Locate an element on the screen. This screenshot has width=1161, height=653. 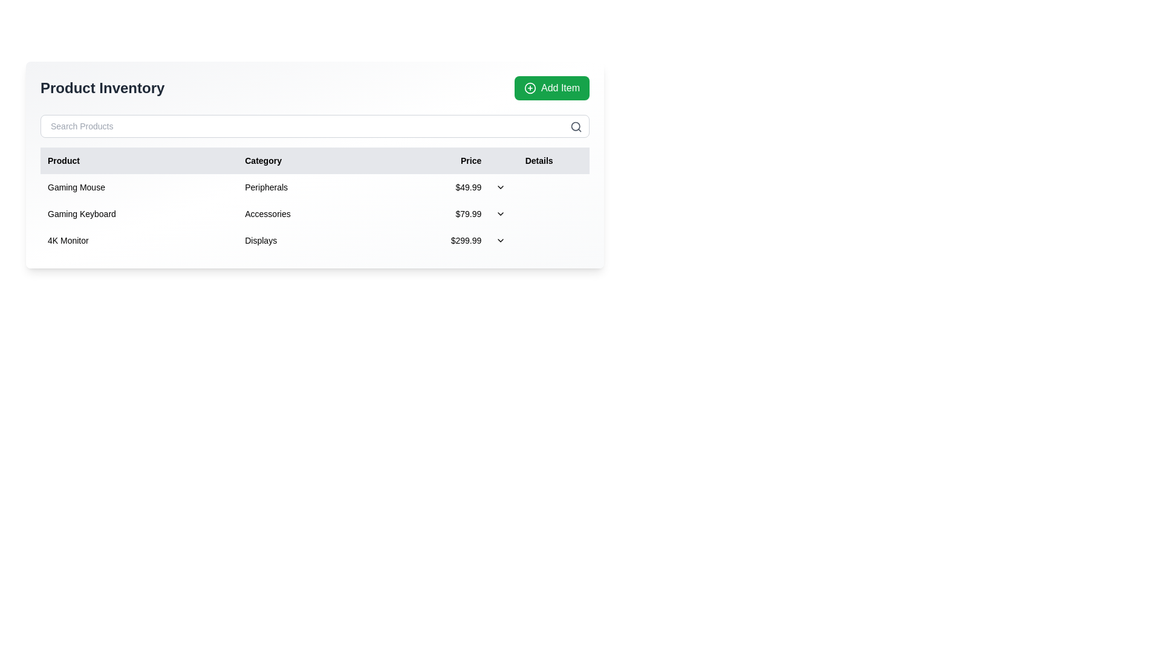
the 'Peripherals' text label is located at coordinates (309, 187).